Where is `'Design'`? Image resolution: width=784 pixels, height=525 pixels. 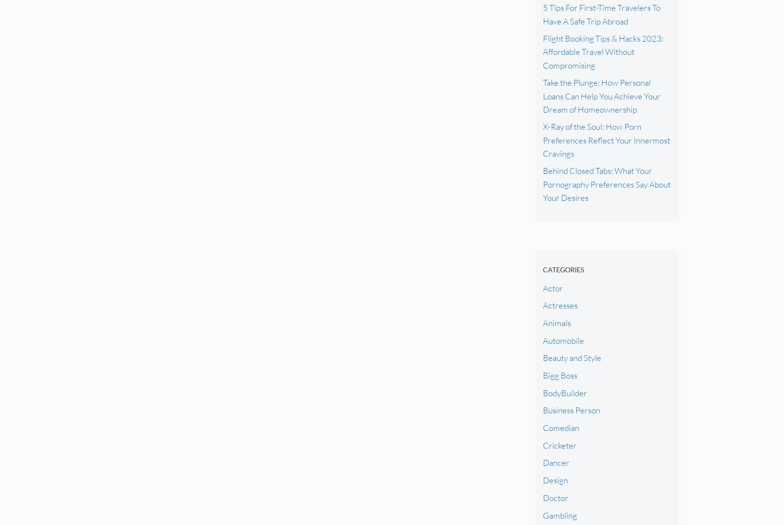
'Design' is located at coordinates (555, 479).